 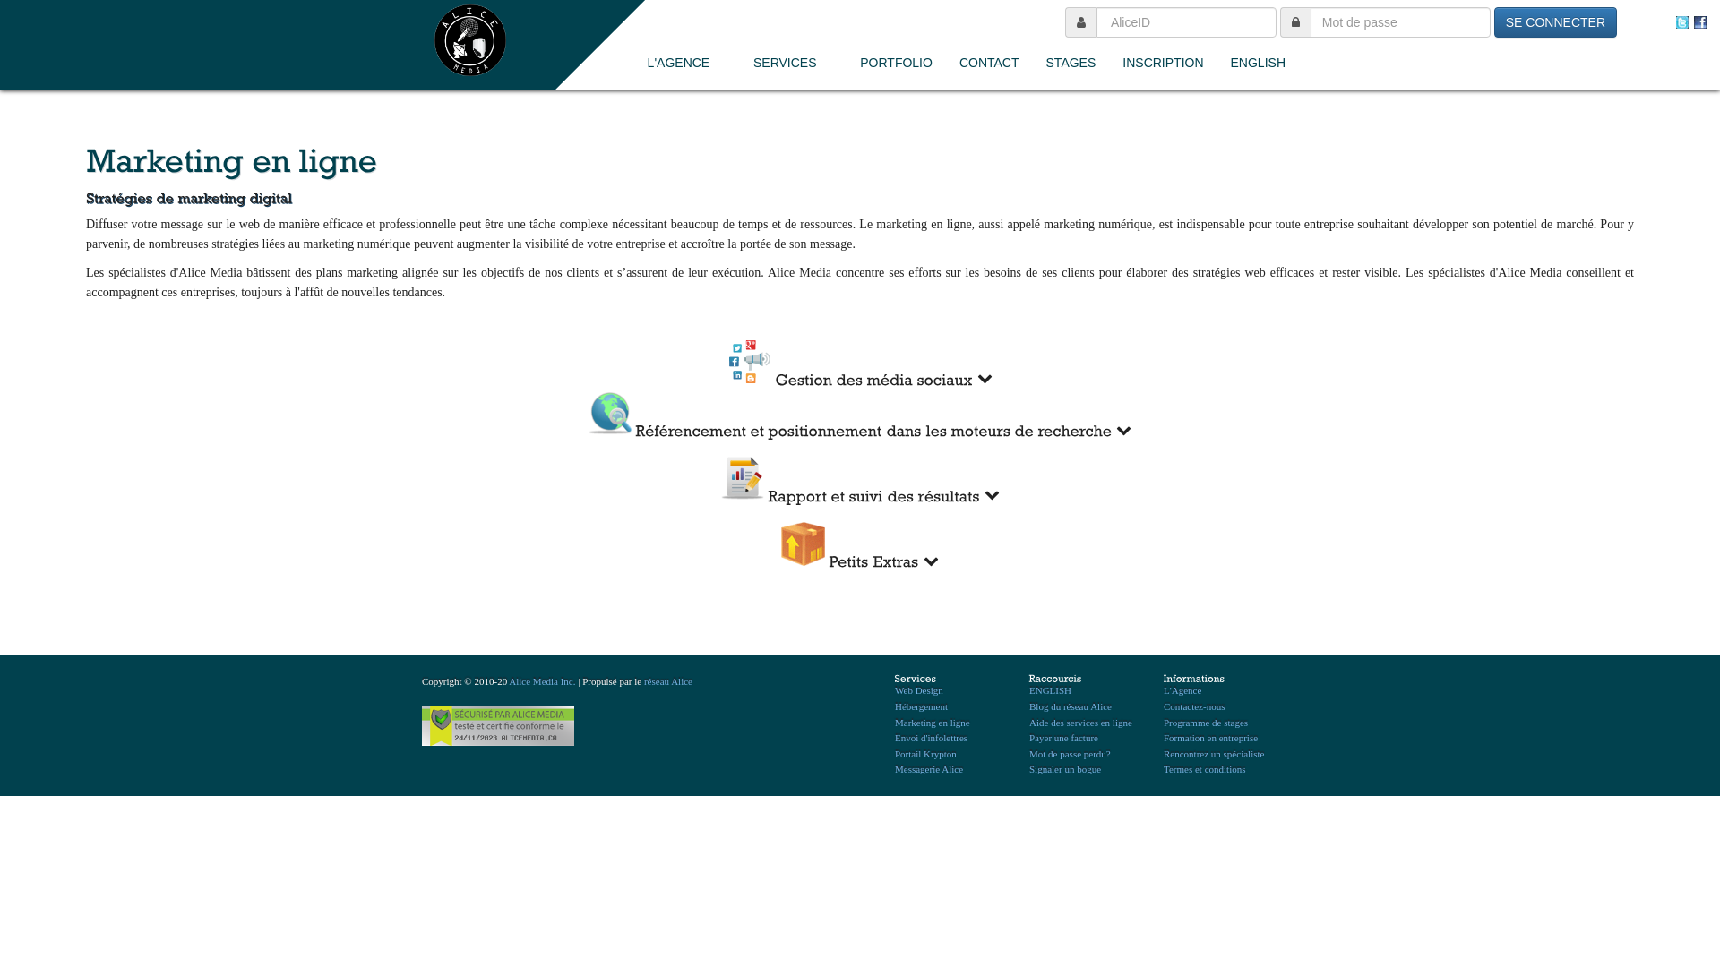 What do you see at coordinates (686, 61) in the screenshot?
I see `'L'AGENCE'` at bounding box center [686, 61].